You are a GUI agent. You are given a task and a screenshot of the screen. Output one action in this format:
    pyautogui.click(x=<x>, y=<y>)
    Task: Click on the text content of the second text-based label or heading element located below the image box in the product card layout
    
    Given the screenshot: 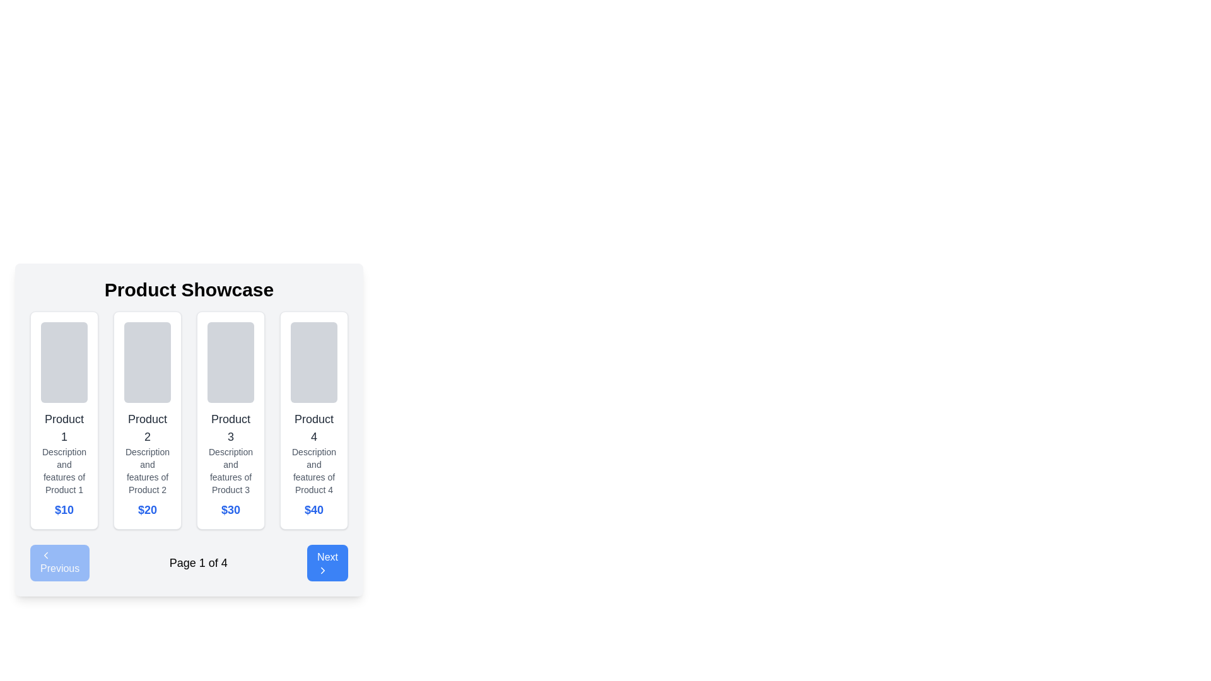 What is the action you would take?
    pyautogui.click(x=230, y=427)
    